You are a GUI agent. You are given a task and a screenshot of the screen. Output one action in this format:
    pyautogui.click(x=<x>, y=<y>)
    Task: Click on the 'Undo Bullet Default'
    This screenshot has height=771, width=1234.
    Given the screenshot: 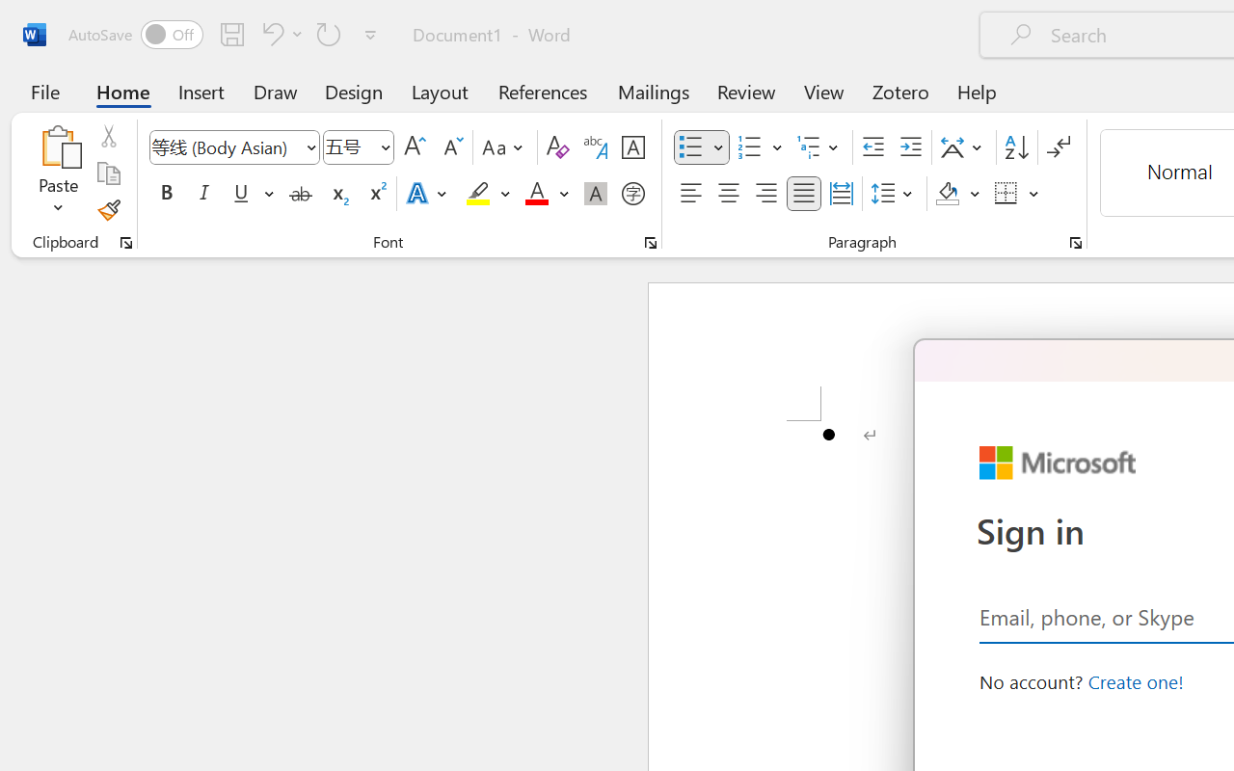 What is the action you would take?
    pyautogui.click(x=269, y=33)
    